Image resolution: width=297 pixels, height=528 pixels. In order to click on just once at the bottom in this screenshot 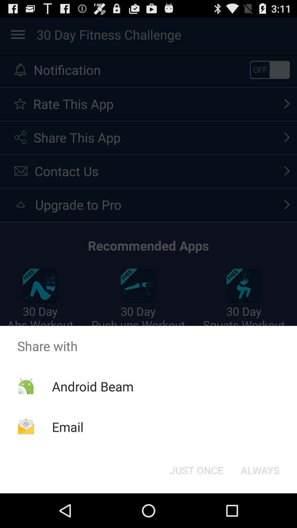, I will do `click(196, 470)`.